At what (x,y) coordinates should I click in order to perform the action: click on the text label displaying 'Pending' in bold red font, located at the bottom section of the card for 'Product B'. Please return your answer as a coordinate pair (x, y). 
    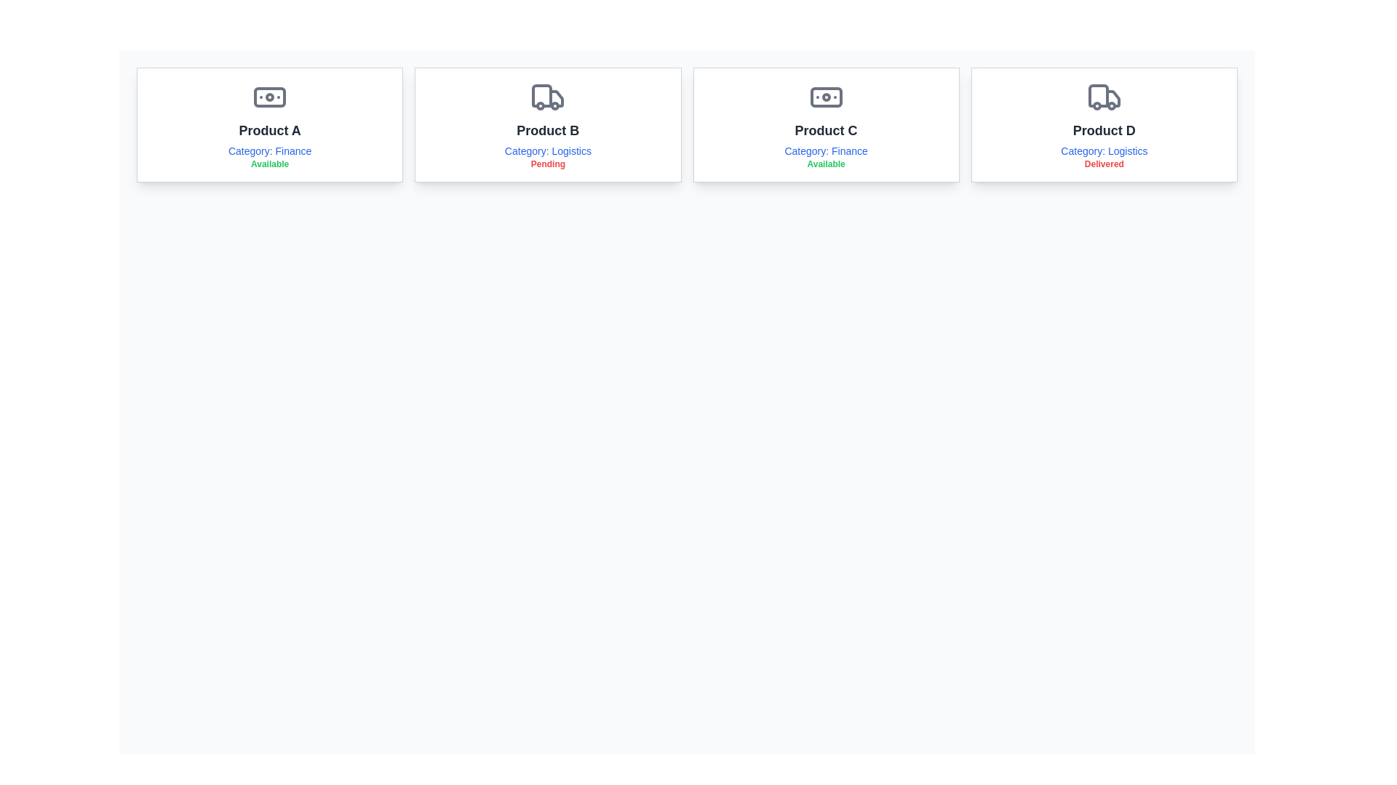
    Looking at the image, I should click on (547, 164).